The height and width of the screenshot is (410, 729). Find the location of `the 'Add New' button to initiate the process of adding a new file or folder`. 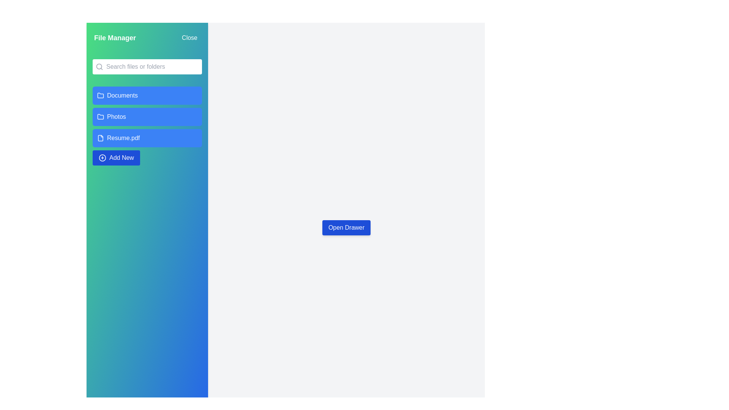

the 'Add New' button to initiate the process of adding a new file or folder is located at coordinates (116, 158).